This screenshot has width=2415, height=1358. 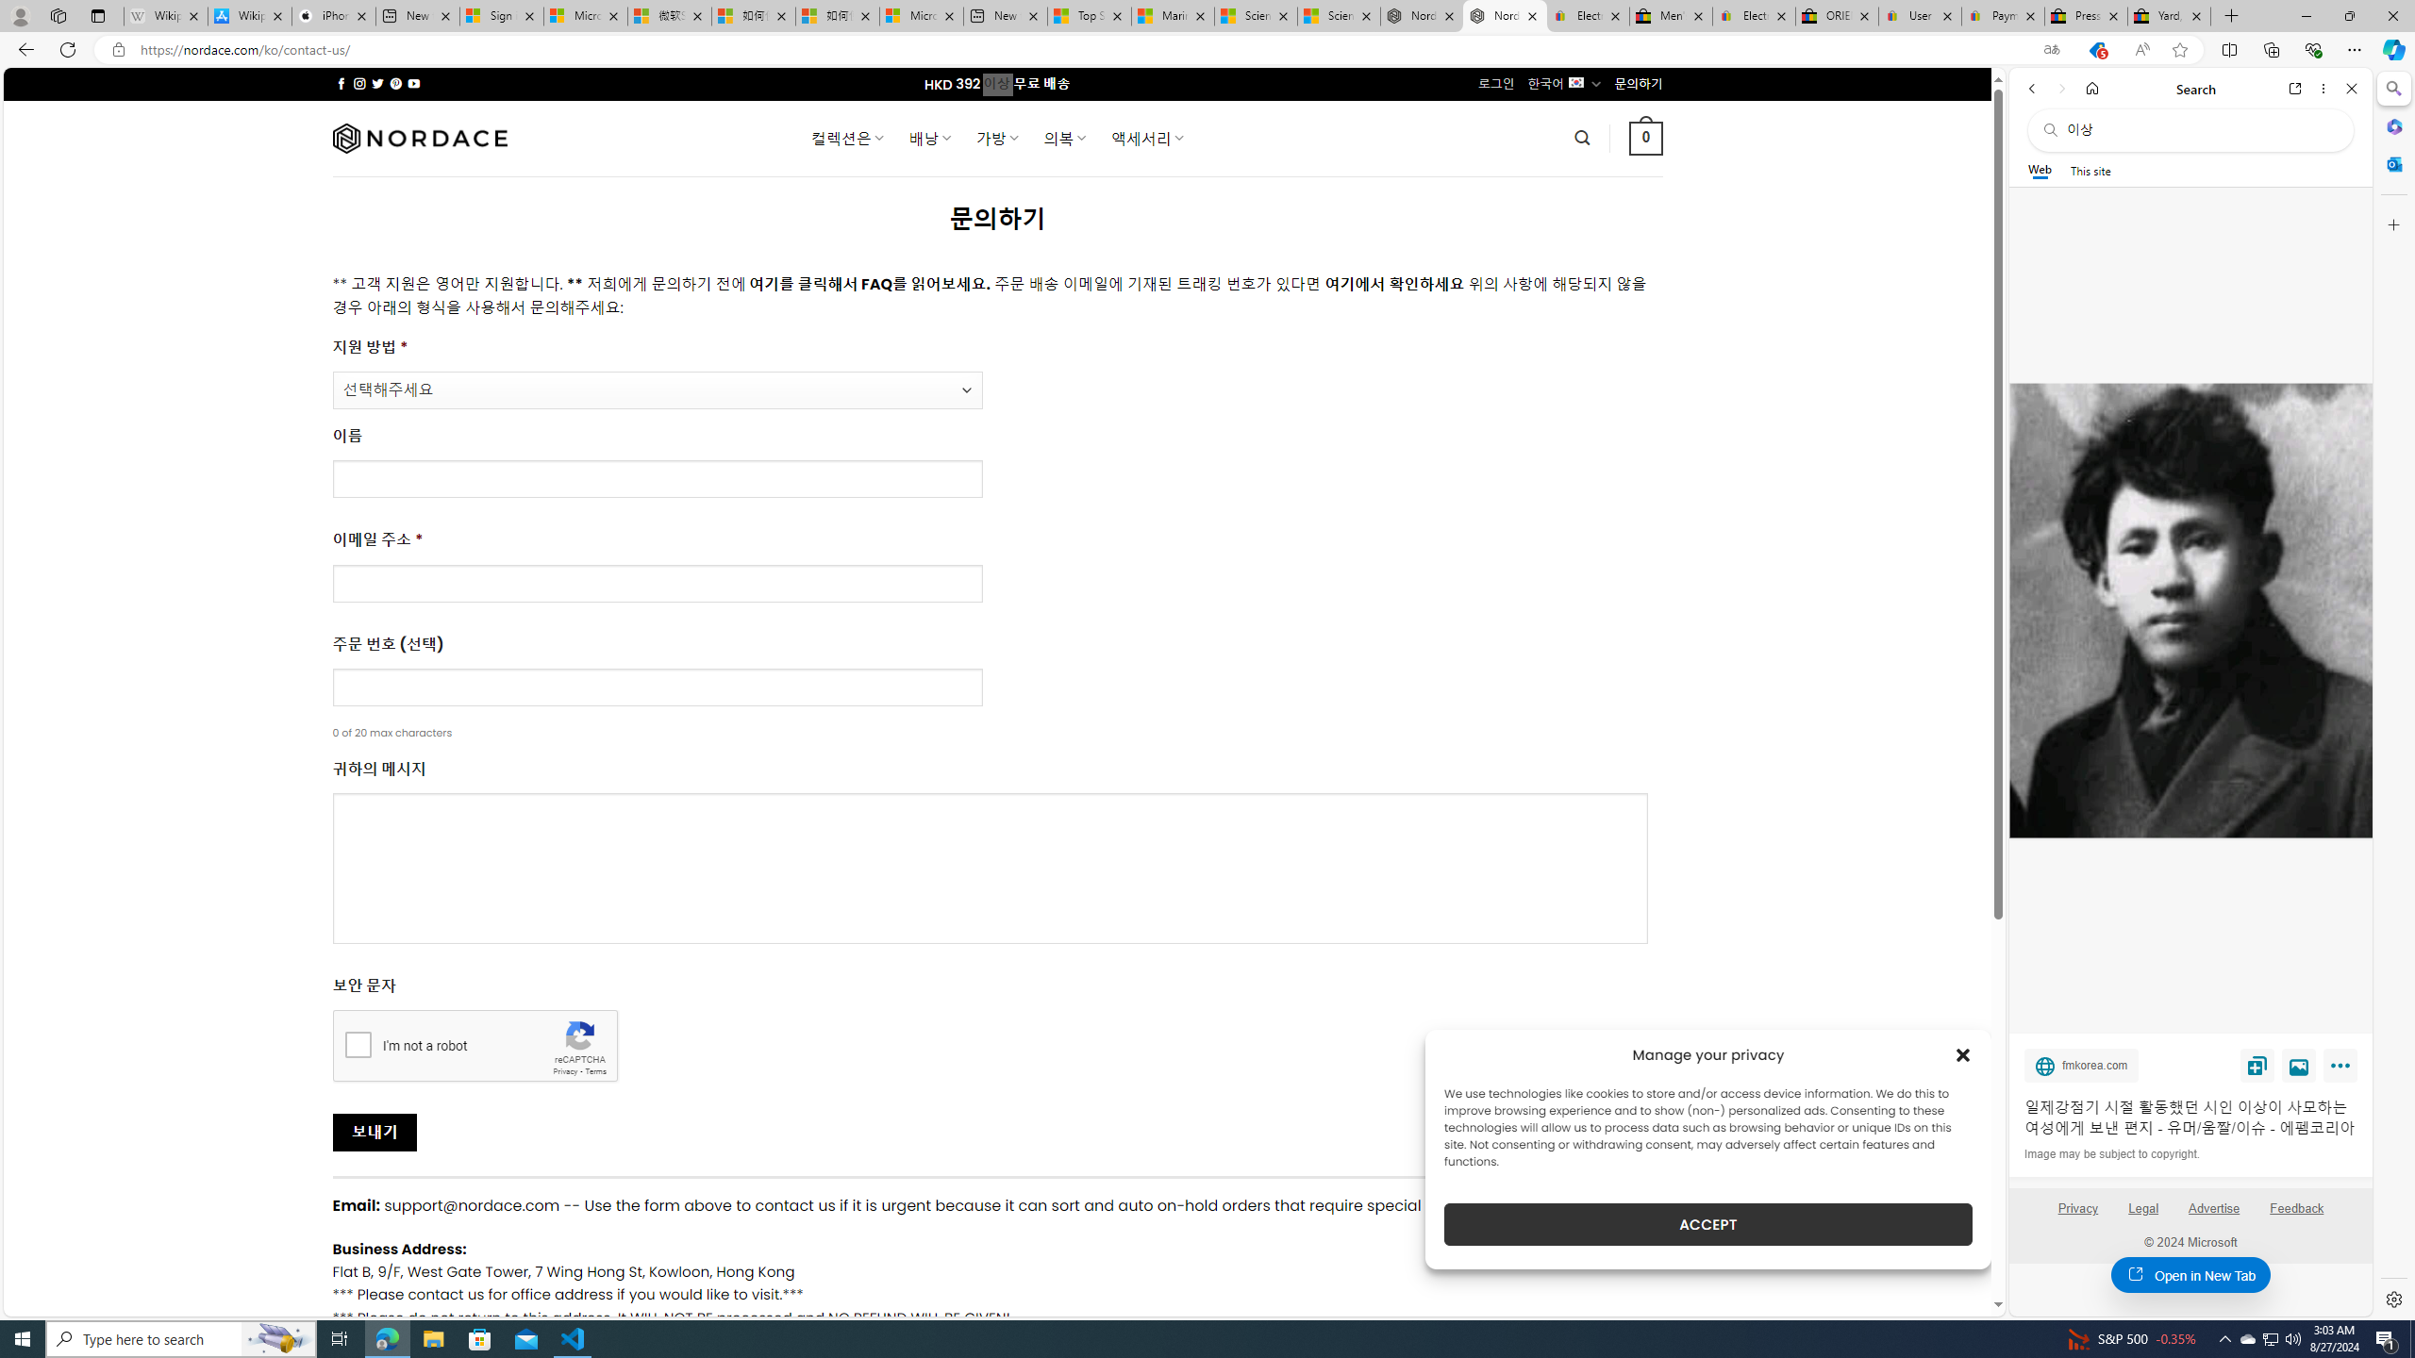 I want to click on 'Nordace - Summer Adventures 2024', so click(x=1420, y=15).